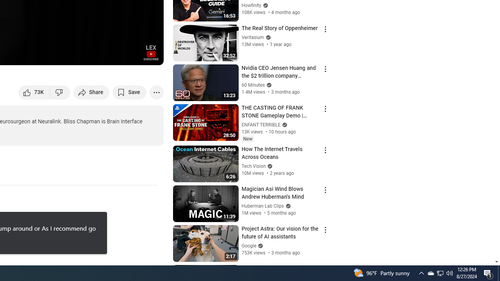 This screenshot has height=281, width=500. I want to click on 'Full screen (f)', so click(149, 55).